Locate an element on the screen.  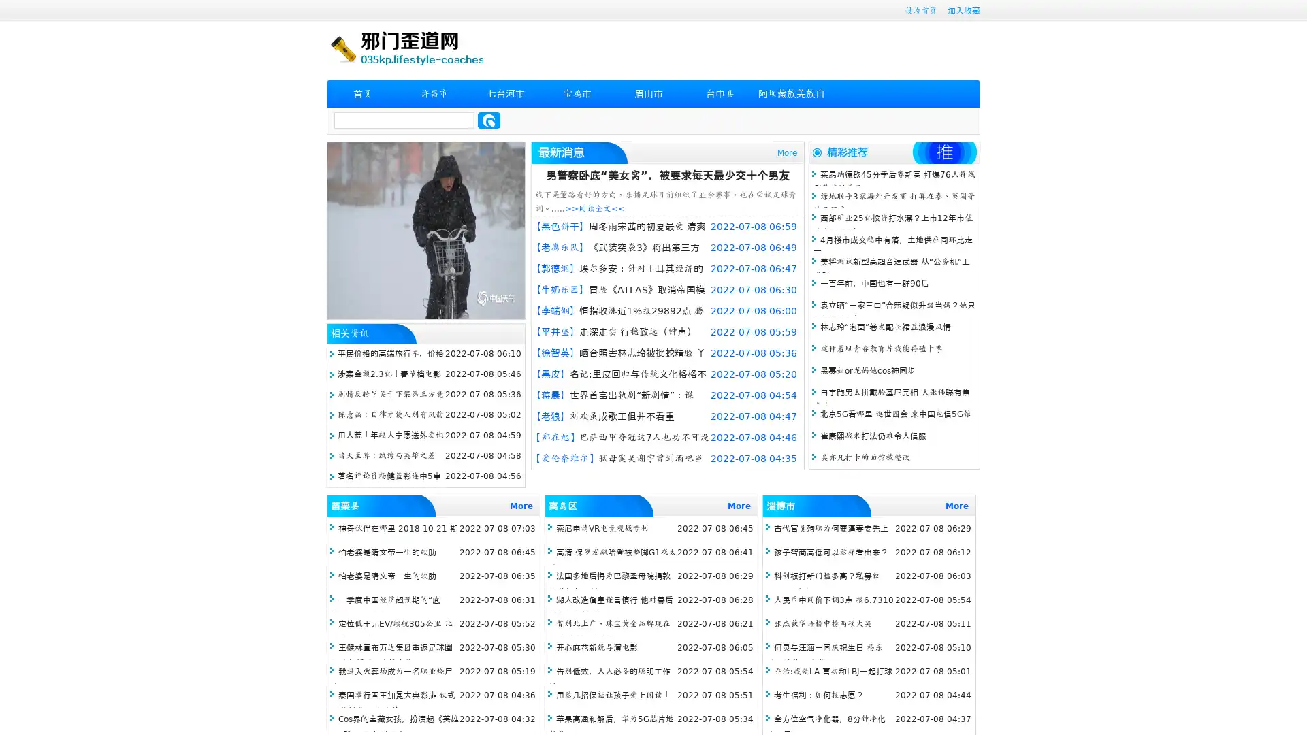
Search is located at coordinates (489, 120).